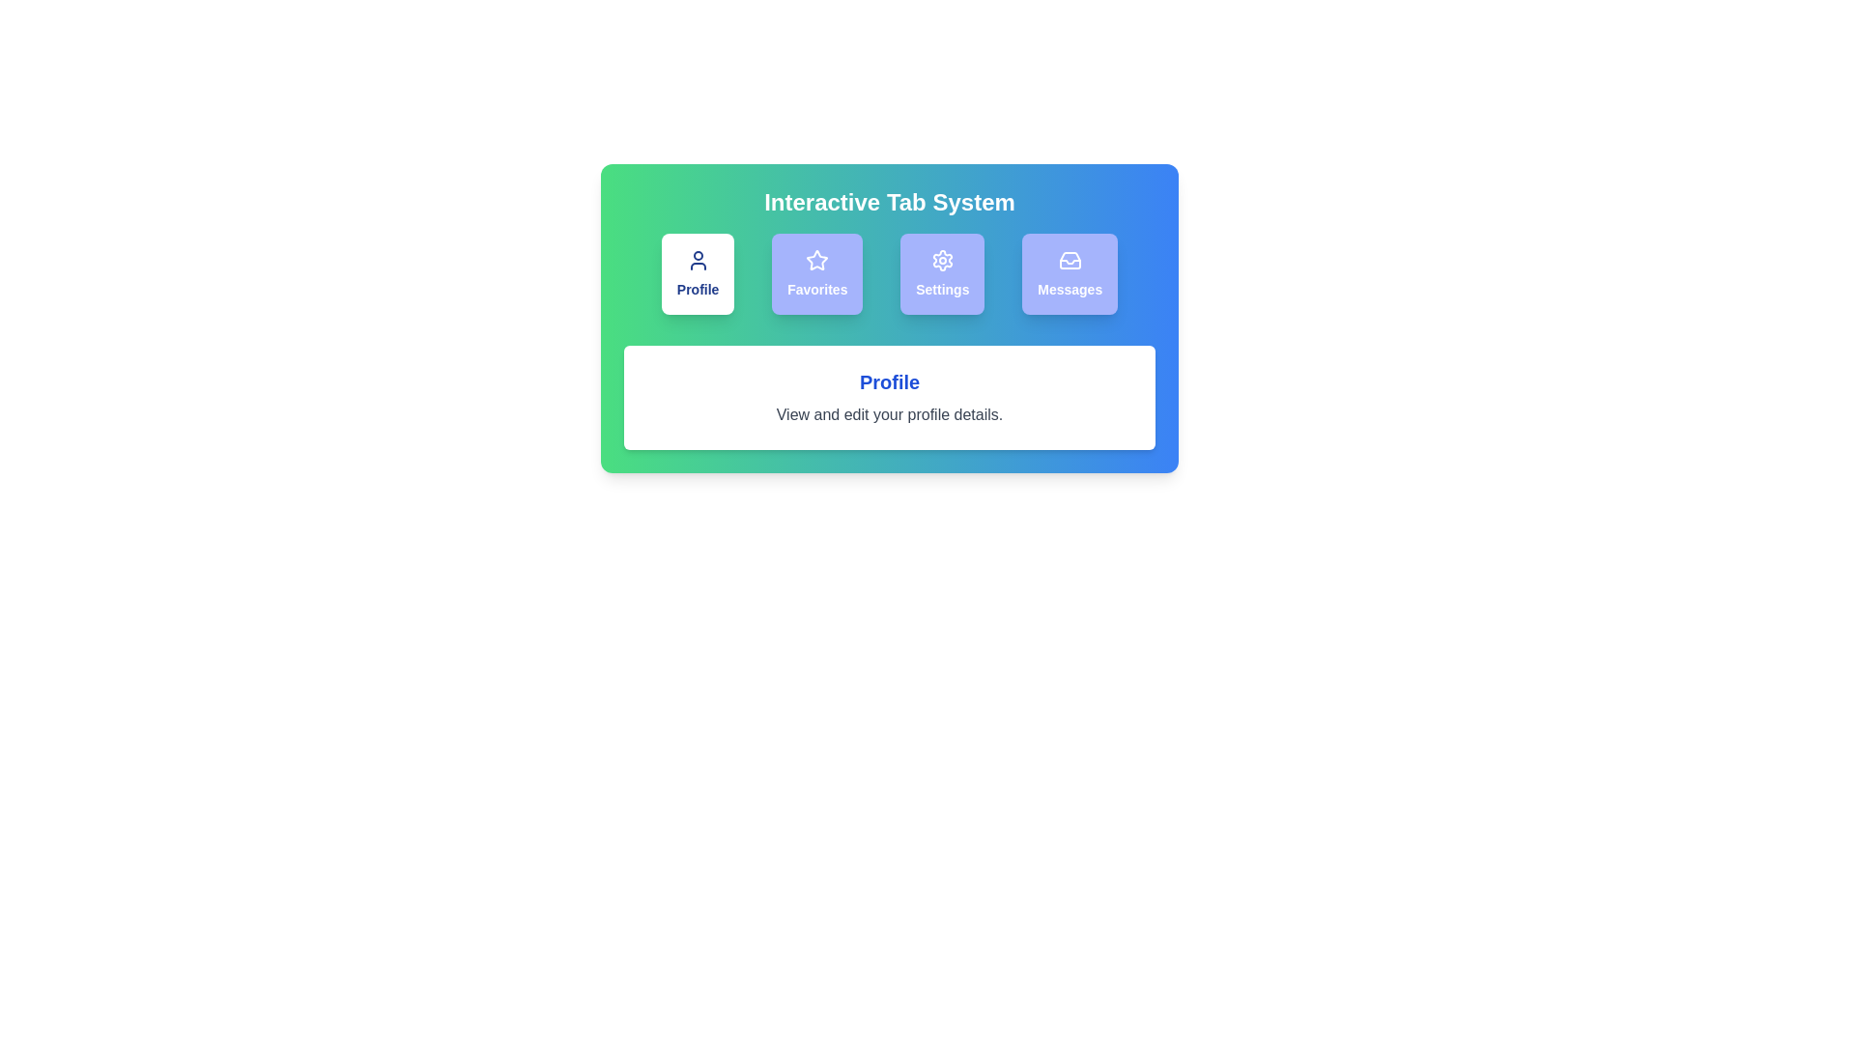 Image resolution: width=1855 pixels, height=1043 pixels. I want to click on the Favorites tab to view its content, so click(816, 274).